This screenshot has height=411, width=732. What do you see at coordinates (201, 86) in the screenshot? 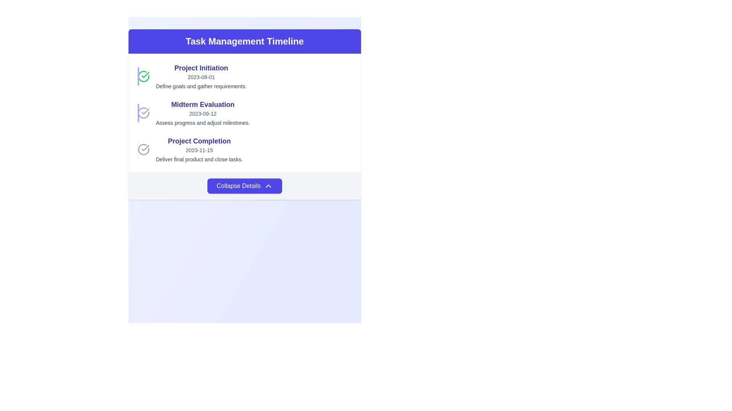
I see `the text snippet that says 'Define goals and gather requirements.' located under the heading 'Project Initiation' and the date '2023-08-01'` at bounding box center [201, 86].